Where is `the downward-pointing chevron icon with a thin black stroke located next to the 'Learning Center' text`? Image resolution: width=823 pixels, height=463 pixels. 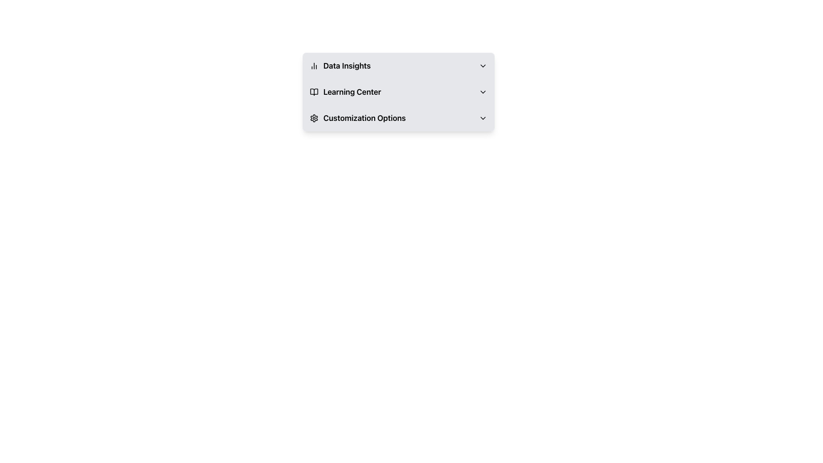 the downward-pointing chevron icon with a thin black stroke located next to the 'Learning Center' text is located at coordinates (483, 92).